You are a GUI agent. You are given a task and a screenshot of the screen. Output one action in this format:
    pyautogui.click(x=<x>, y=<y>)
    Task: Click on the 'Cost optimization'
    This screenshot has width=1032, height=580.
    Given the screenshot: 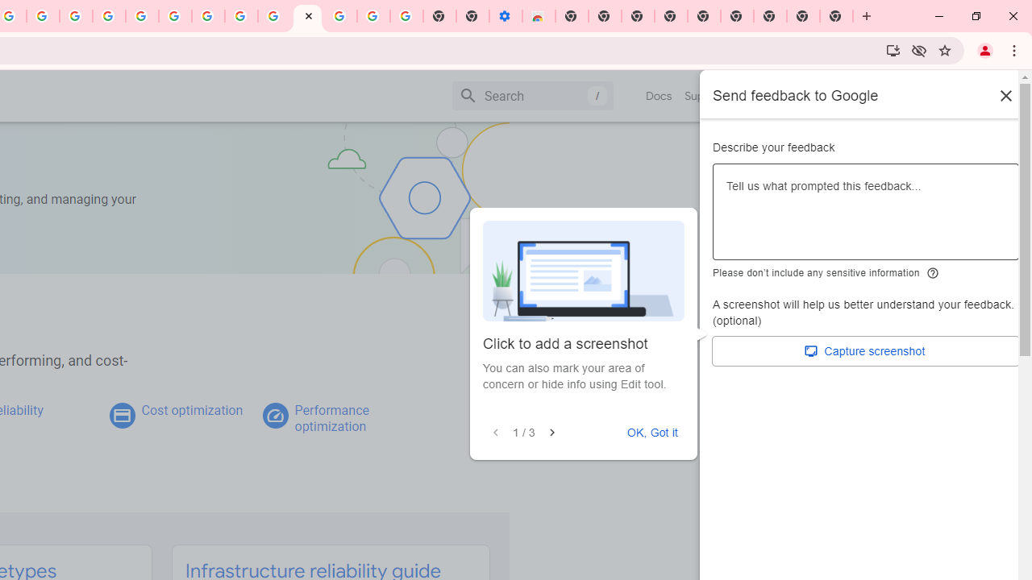 What is the action you would take?
    pyautogui.click(x=192, y=409)
    